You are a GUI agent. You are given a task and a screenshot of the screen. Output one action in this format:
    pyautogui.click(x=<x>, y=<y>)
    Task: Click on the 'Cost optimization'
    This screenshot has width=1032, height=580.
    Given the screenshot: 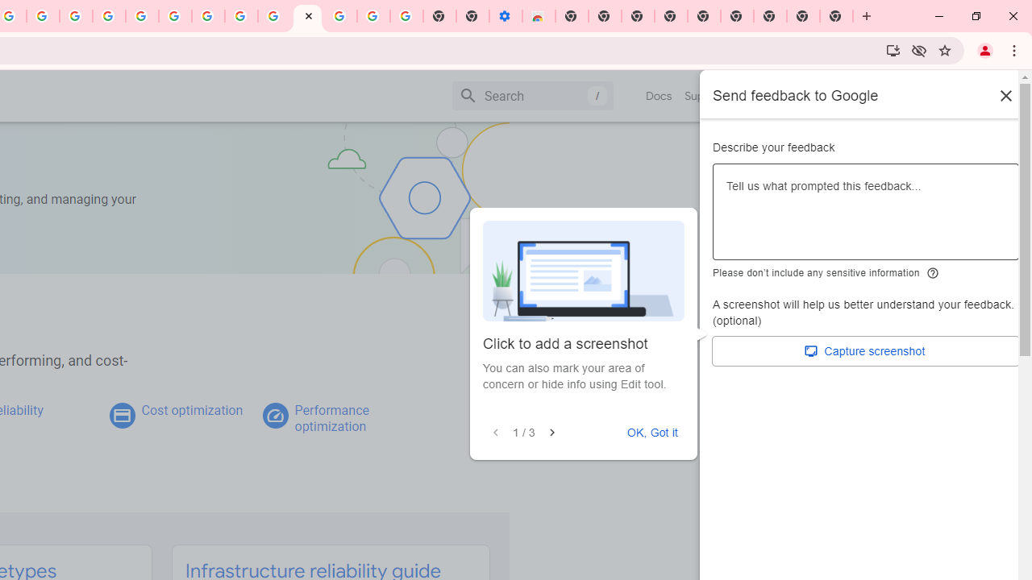 What is the action you would take?
    pyautogui.click(x=192, y=409)
    